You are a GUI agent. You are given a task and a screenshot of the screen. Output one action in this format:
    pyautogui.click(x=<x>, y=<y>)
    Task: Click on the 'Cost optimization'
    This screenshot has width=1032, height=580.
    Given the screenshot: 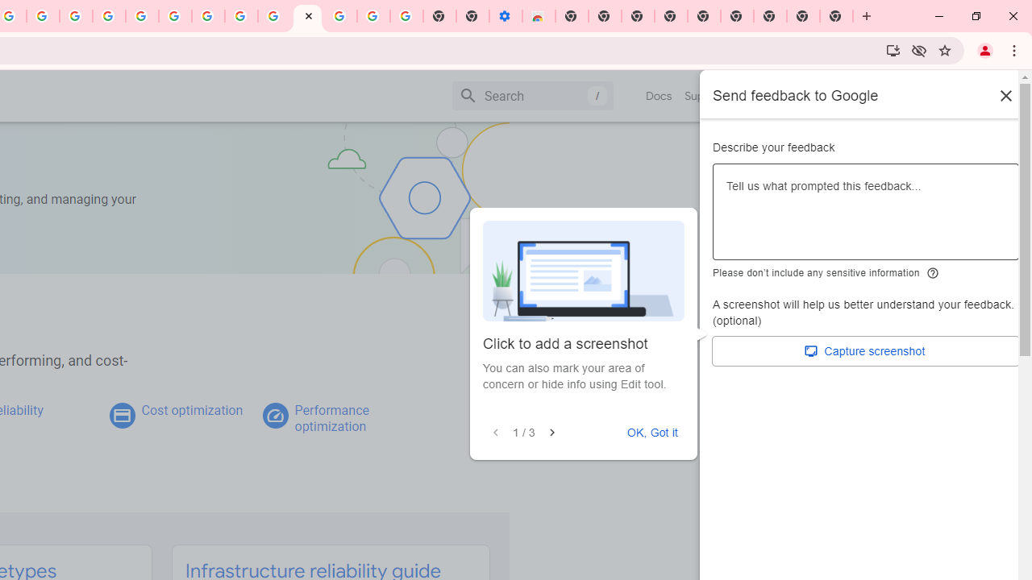 What is the action you would take?
    pyautogui.click(x=192, y=409)
    